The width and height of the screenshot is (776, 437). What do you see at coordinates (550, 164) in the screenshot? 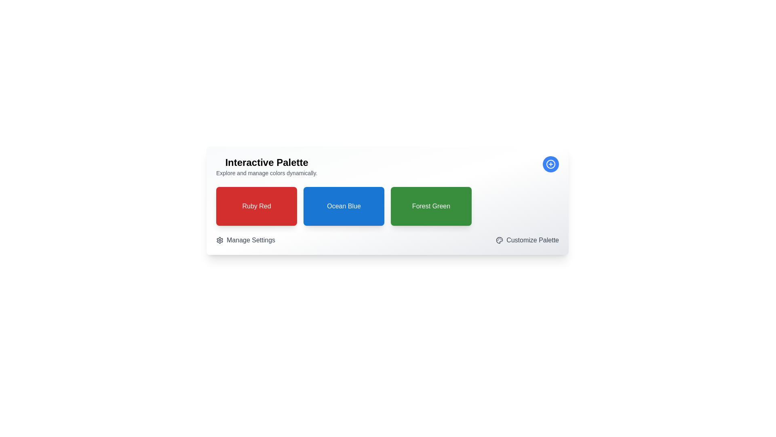
I see `the circular blue button with a white plus icon located at the top-right corner of the 'Interactive Palette' section` at bounding box center [550, 164].